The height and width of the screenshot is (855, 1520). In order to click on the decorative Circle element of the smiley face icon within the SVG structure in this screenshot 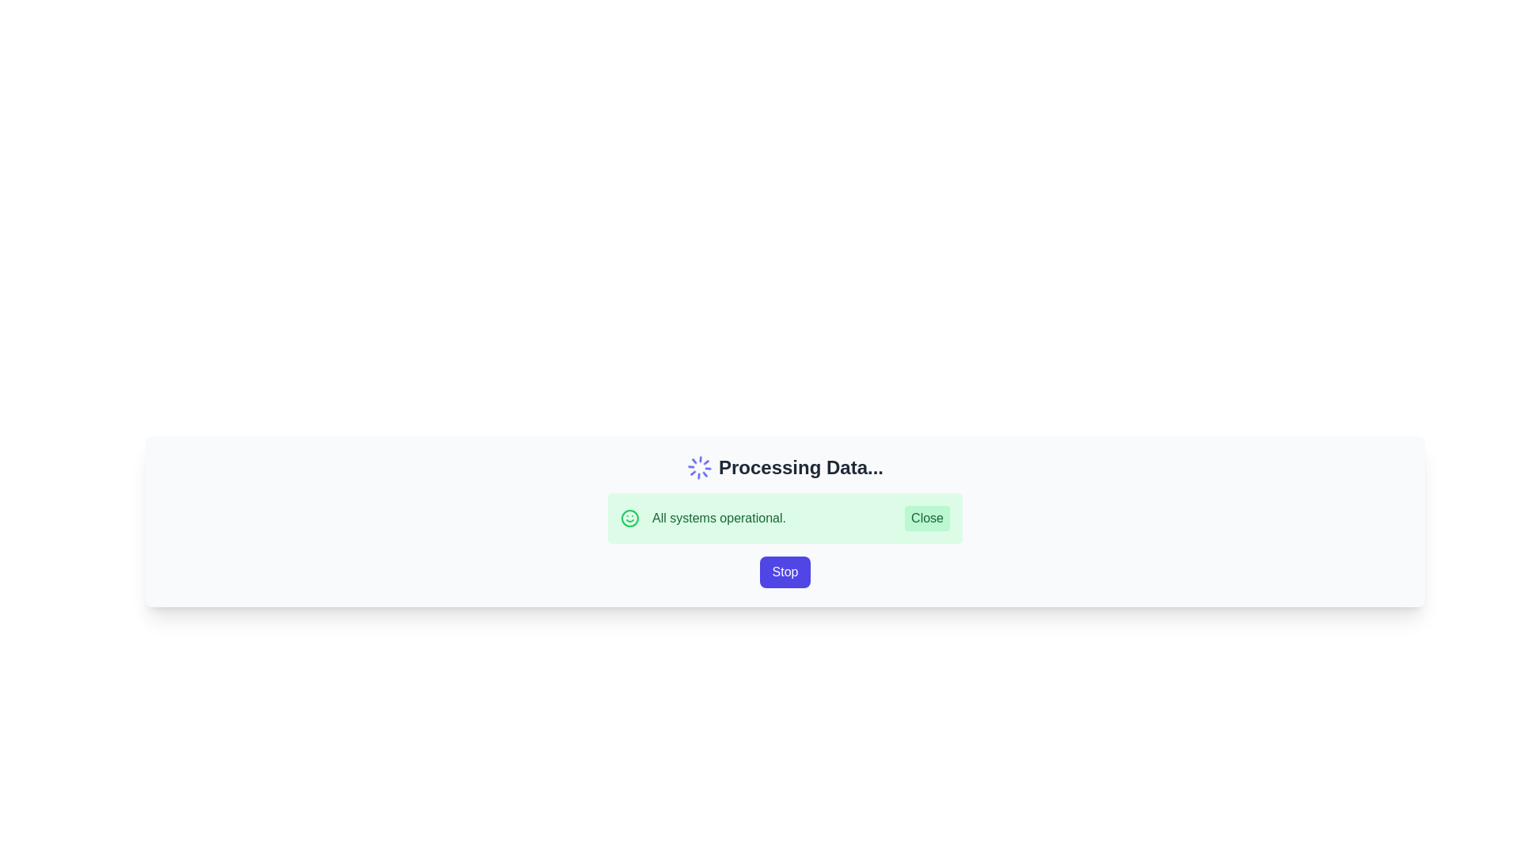, I will do `click(629, 519)`.